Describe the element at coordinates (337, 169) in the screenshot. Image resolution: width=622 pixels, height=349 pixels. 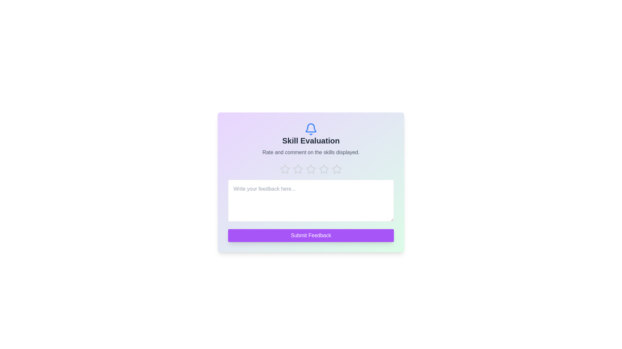
I see `the star corresponding to the rating 5` at that location.